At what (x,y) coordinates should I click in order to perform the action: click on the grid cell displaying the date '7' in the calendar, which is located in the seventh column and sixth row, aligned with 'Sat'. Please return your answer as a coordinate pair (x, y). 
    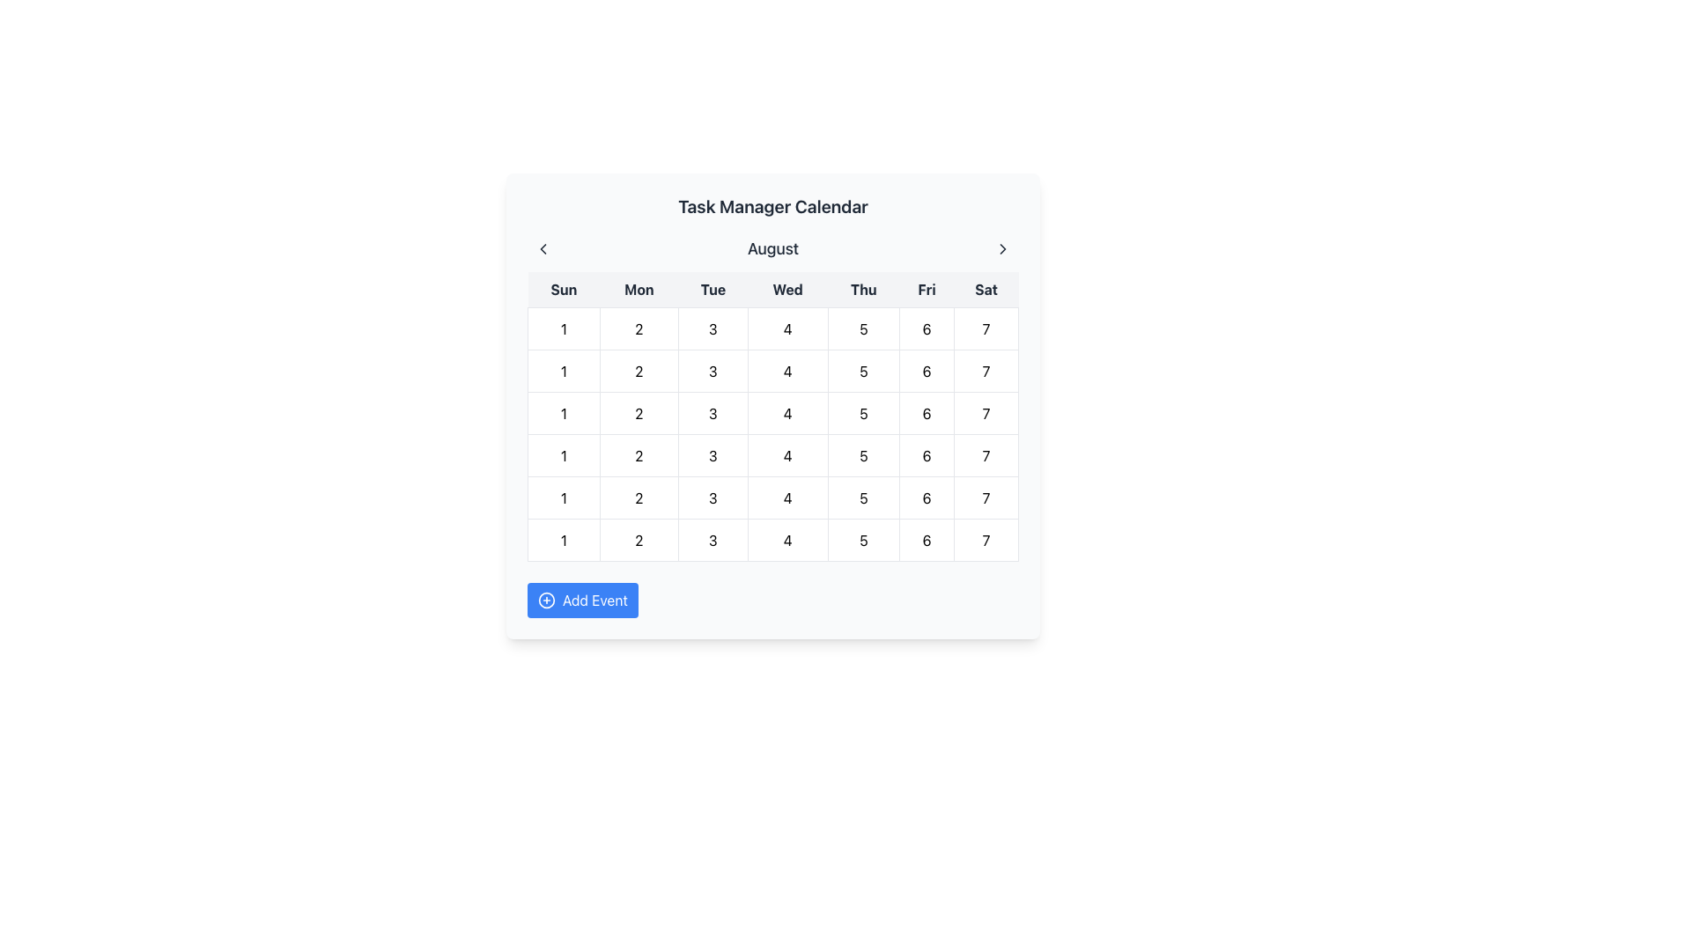
    Looking at the image, I should click on (986, 539).